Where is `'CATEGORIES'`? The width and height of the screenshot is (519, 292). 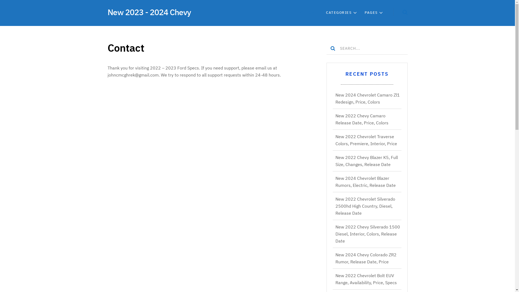 'CATEGORIES' is located at coordinates (338, 12).